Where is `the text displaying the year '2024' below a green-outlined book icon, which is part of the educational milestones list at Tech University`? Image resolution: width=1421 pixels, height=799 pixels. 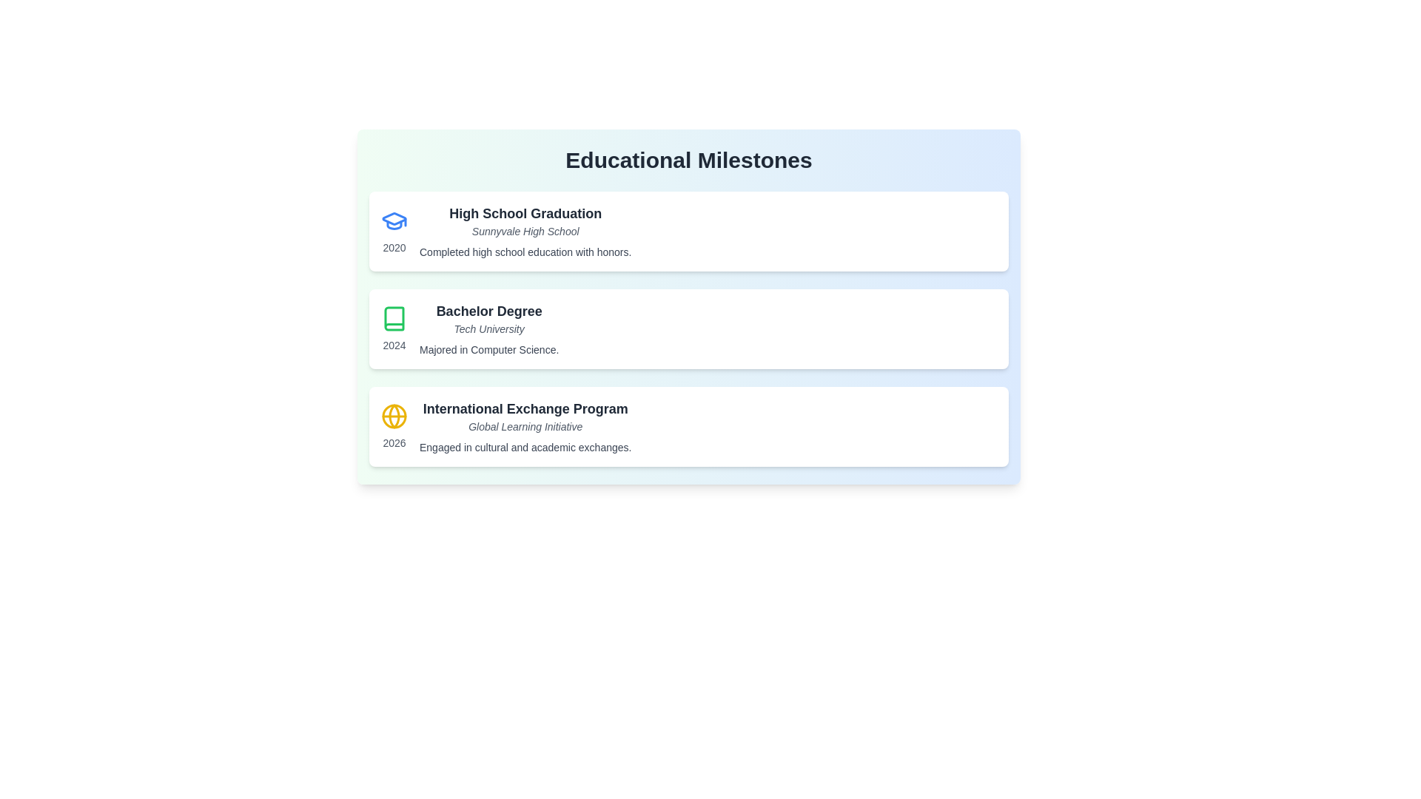 the text displaying the year '2024' below a green-outlined book icon, which is part of the educational milestones list at Tech University is located at coordinates (394, 328).